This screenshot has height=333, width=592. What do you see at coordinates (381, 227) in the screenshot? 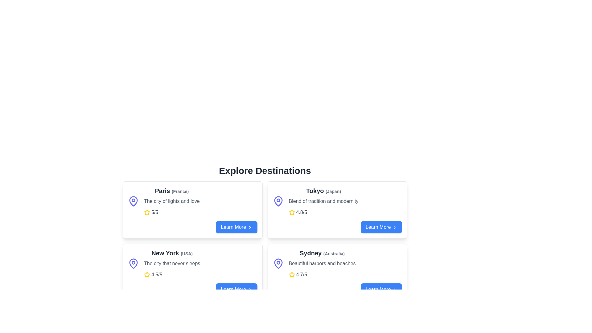
I see `the button located in the bottom-right corner of the 'Tokyo (Japan)' card` at bounding box center [381, 227].